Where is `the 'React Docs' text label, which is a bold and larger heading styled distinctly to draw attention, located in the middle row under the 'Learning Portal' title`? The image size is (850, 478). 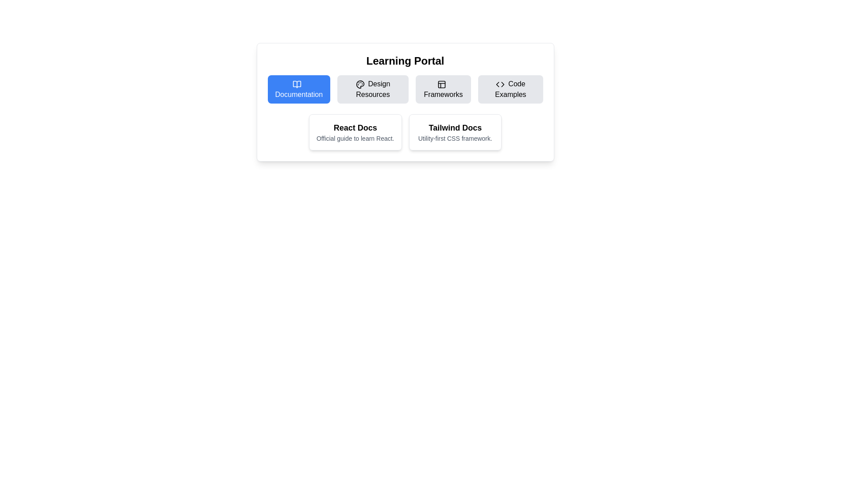 the 'React Docs' text label, which is a bold and larger heading styled distinctly to draw attention, located in the middle row under the 'Learning Portal' title is located at coordinates (355, 128).